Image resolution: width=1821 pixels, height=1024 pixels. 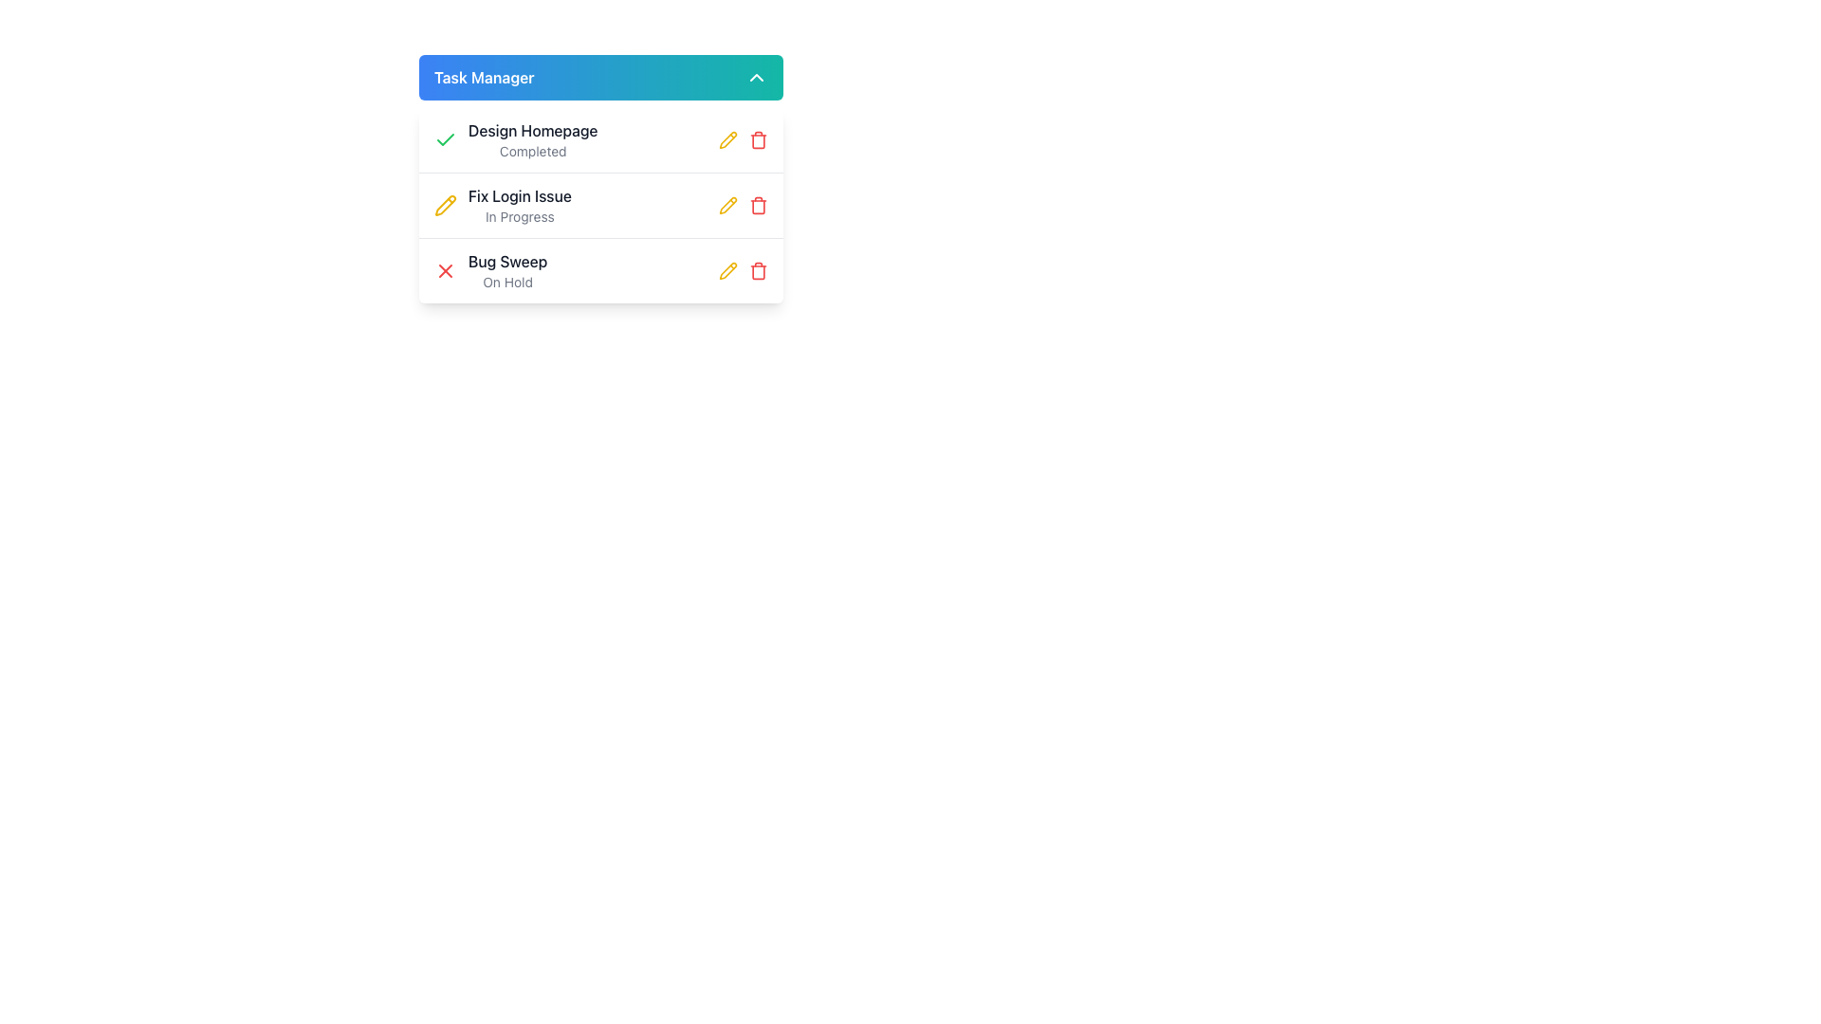 What do you see at coordinates (445, 270) in the screenshot?
I see `the status icon indicating 'On Hold' for the 'Bug Sweep' task located in the third task line, specifically within the icon cluster to the left of the title` at bounding box center [445, 270].